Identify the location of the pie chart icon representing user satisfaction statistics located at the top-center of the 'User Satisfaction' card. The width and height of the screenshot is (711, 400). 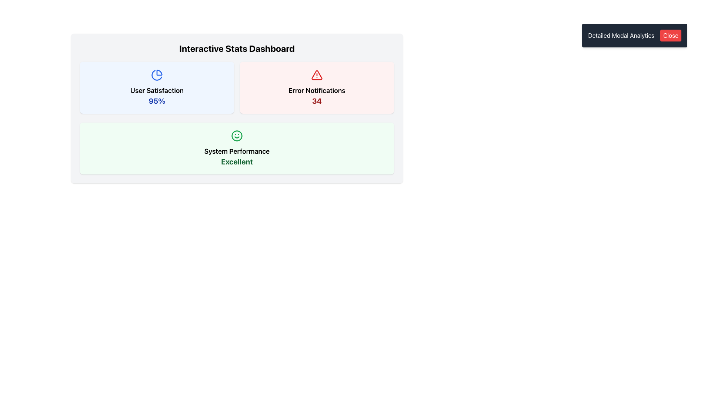
(156, 75).